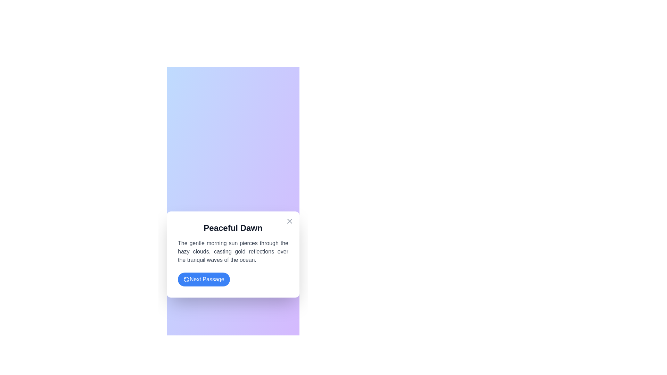  I want to click on the 'Next Passage' button to navigate to the next passage, so click(203, 279).